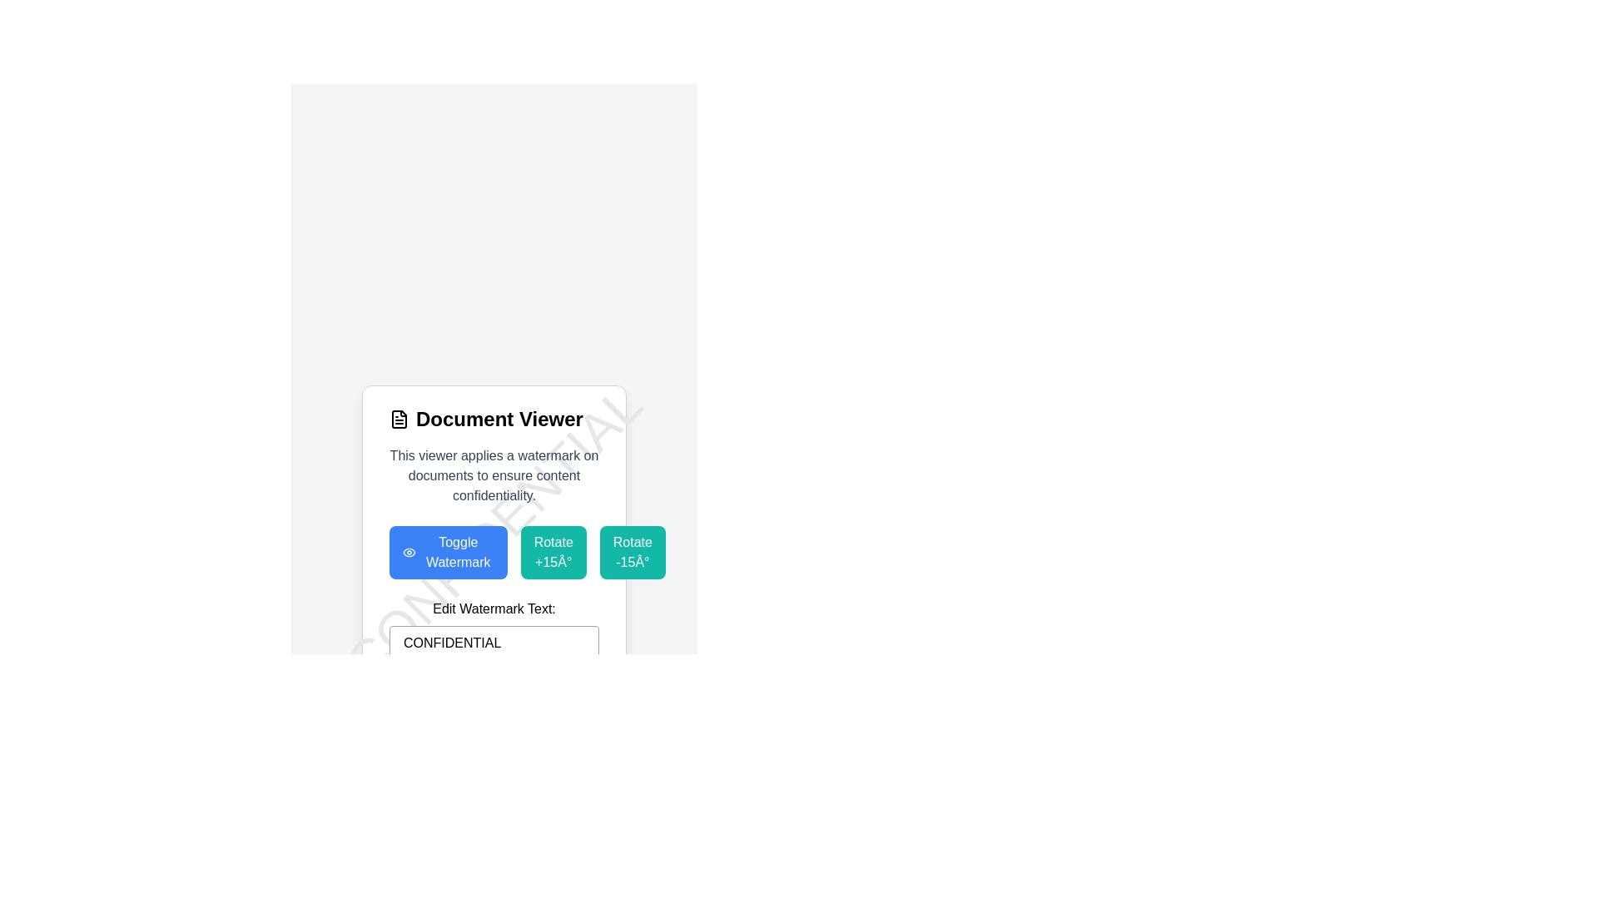 The height and width of the screenshot is (899, 1598). I want to click on the toggle watermark button located in the horizontal group of three buttons below the 'Document Viewer' header, so click(448, 552).